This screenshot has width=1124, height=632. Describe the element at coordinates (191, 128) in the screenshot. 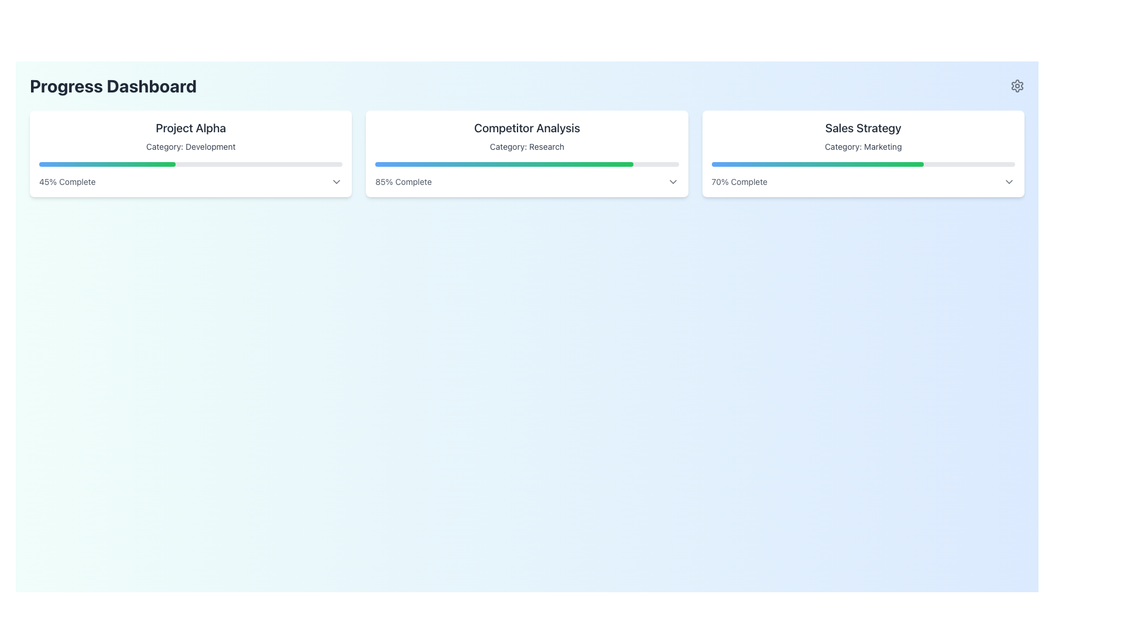

I see `the Text Label that serves as the title for the 'Project Alpha' card, located at the top section of the first card from the left` at that location.